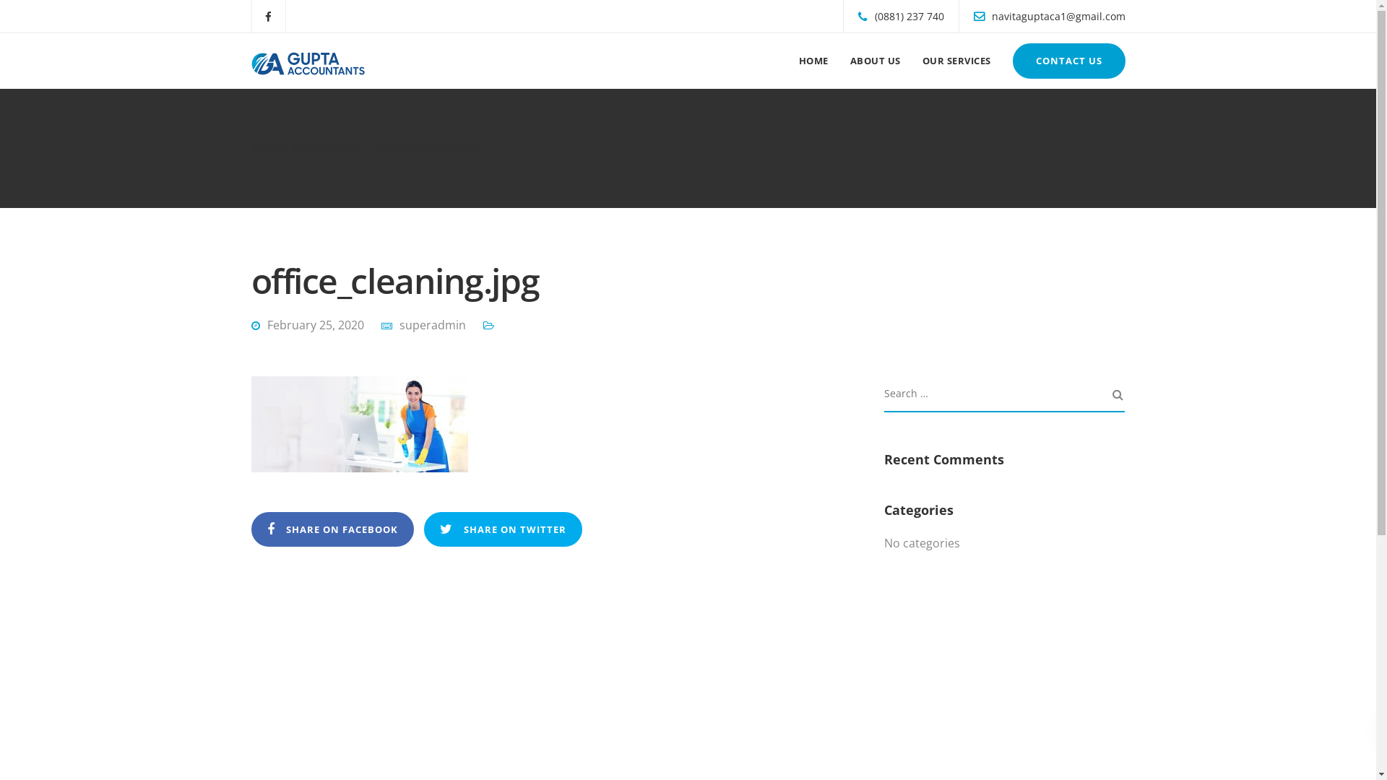 Image resolution: width=1387 pixels, height=780 pixels. I want to click on 'OUR SERVICES', so click(956, 60).